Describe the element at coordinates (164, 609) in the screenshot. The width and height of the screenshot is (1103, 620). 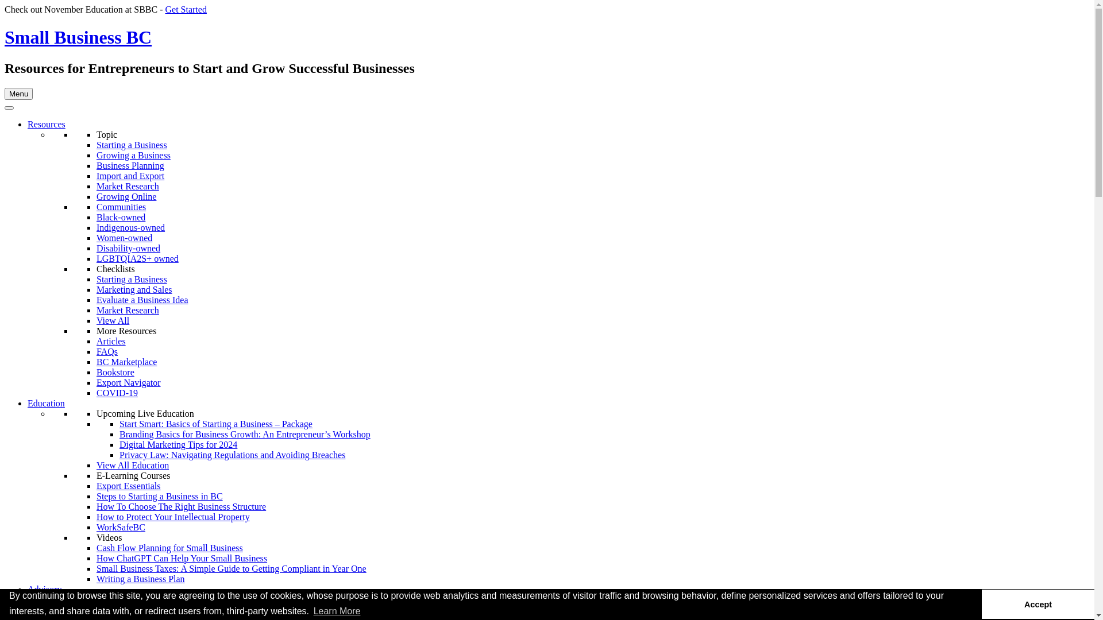
I see `'Free Introductory Business Advisory'` at that location.